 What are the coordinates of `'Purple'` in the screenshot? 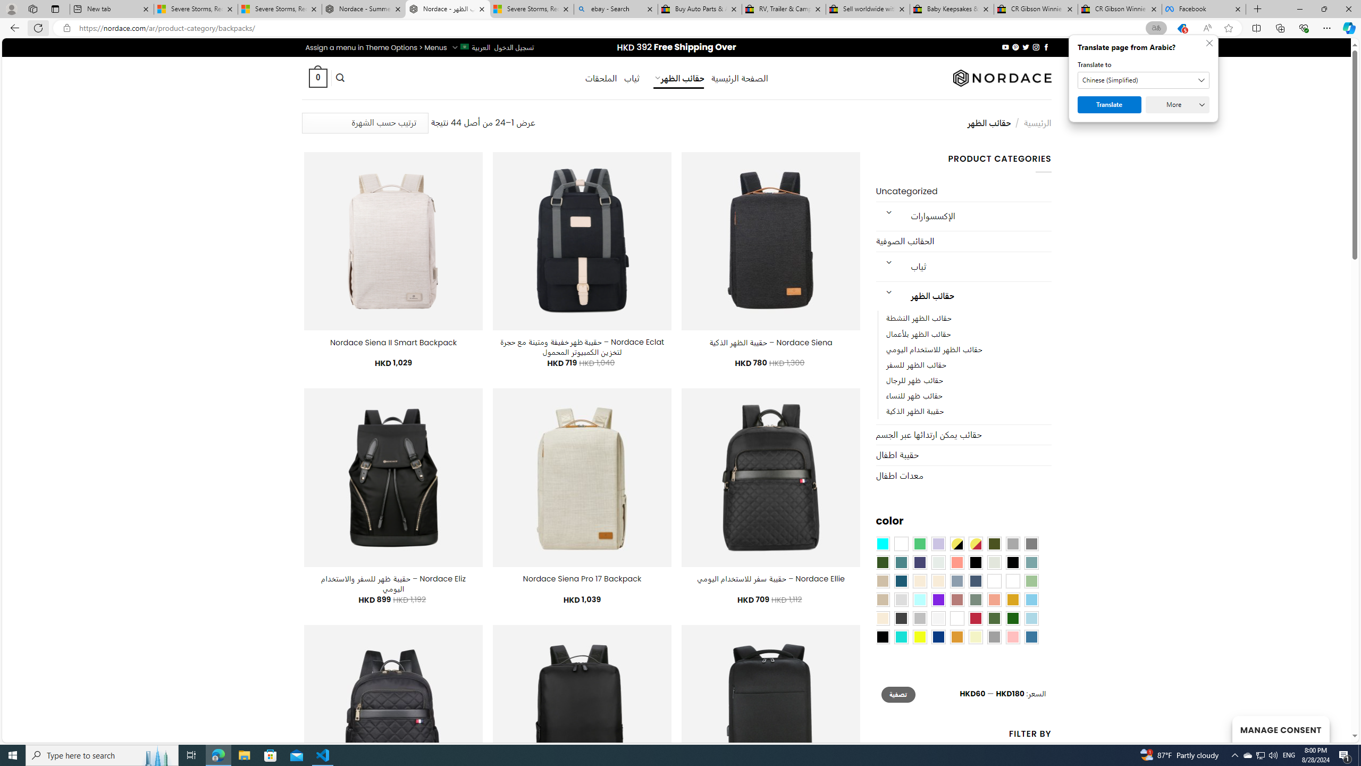 It's located at (938, 599).